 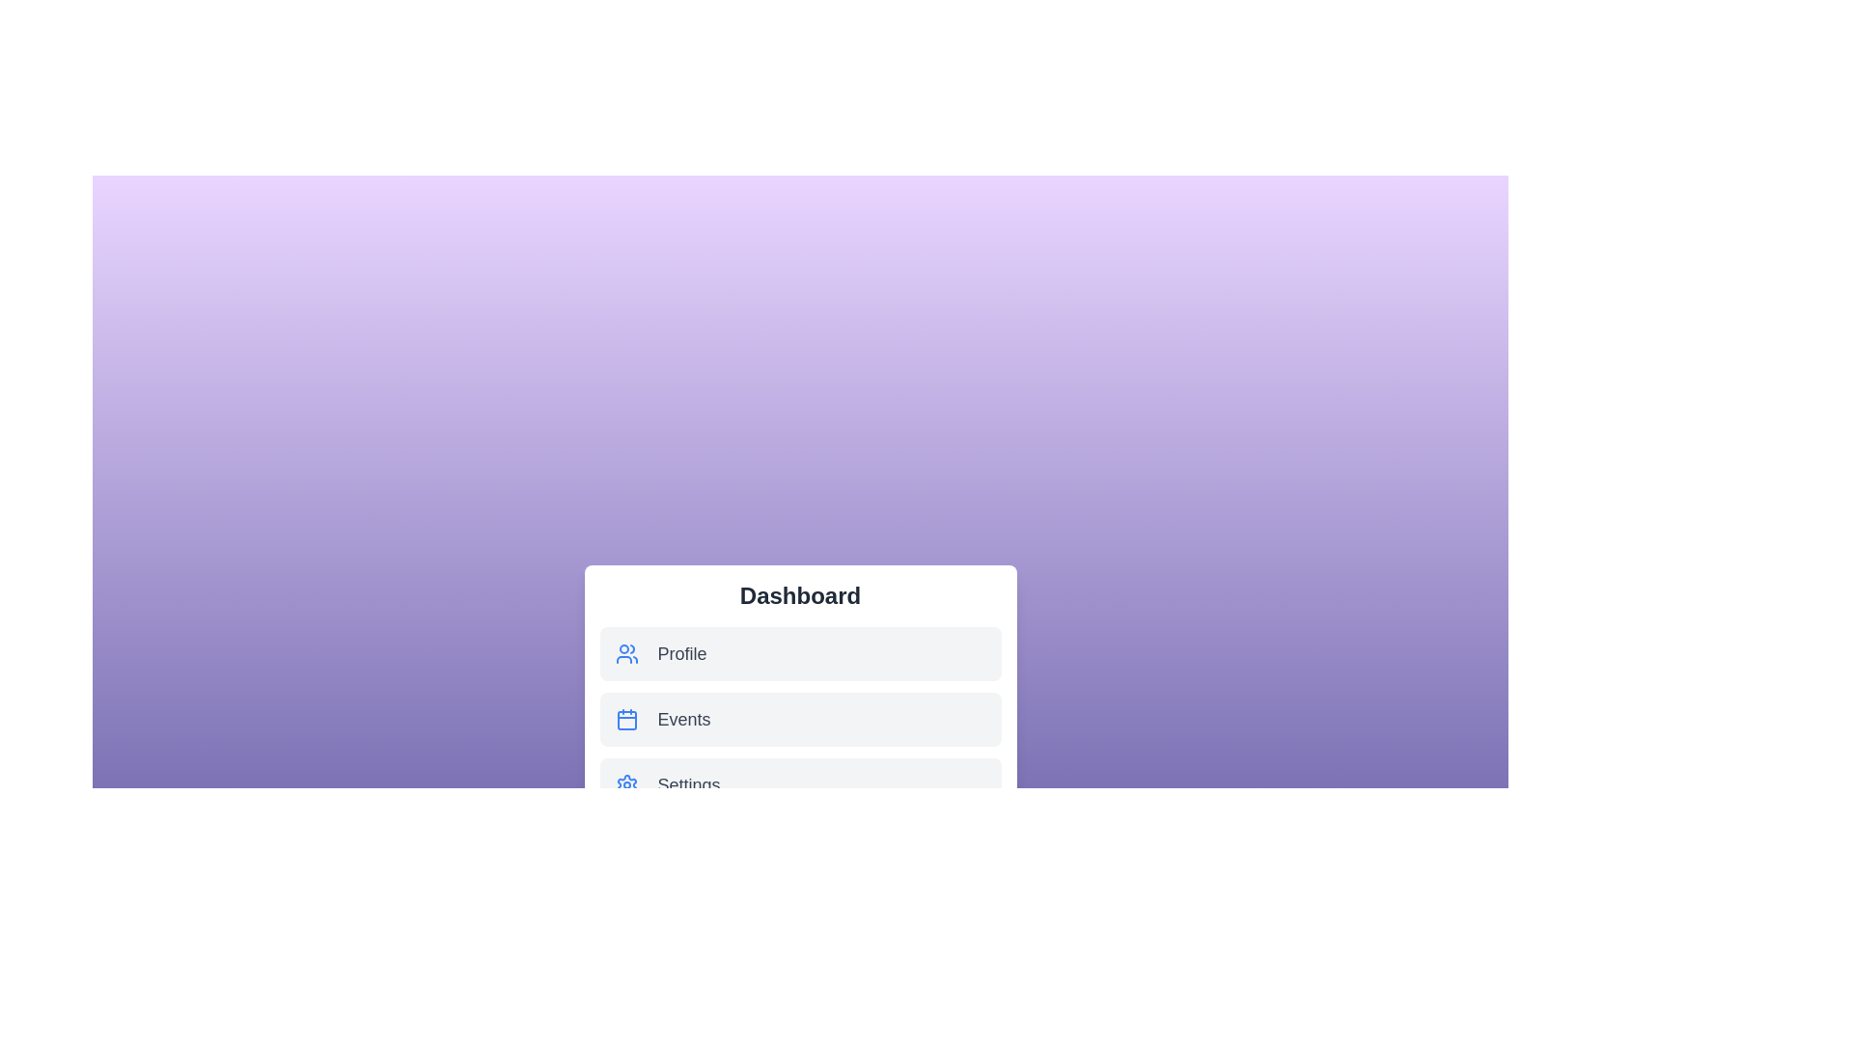 I want to click on the Calendar icon located in the sidebar panel, which is the second icon next to 'Events', so click(x=626, y=719).